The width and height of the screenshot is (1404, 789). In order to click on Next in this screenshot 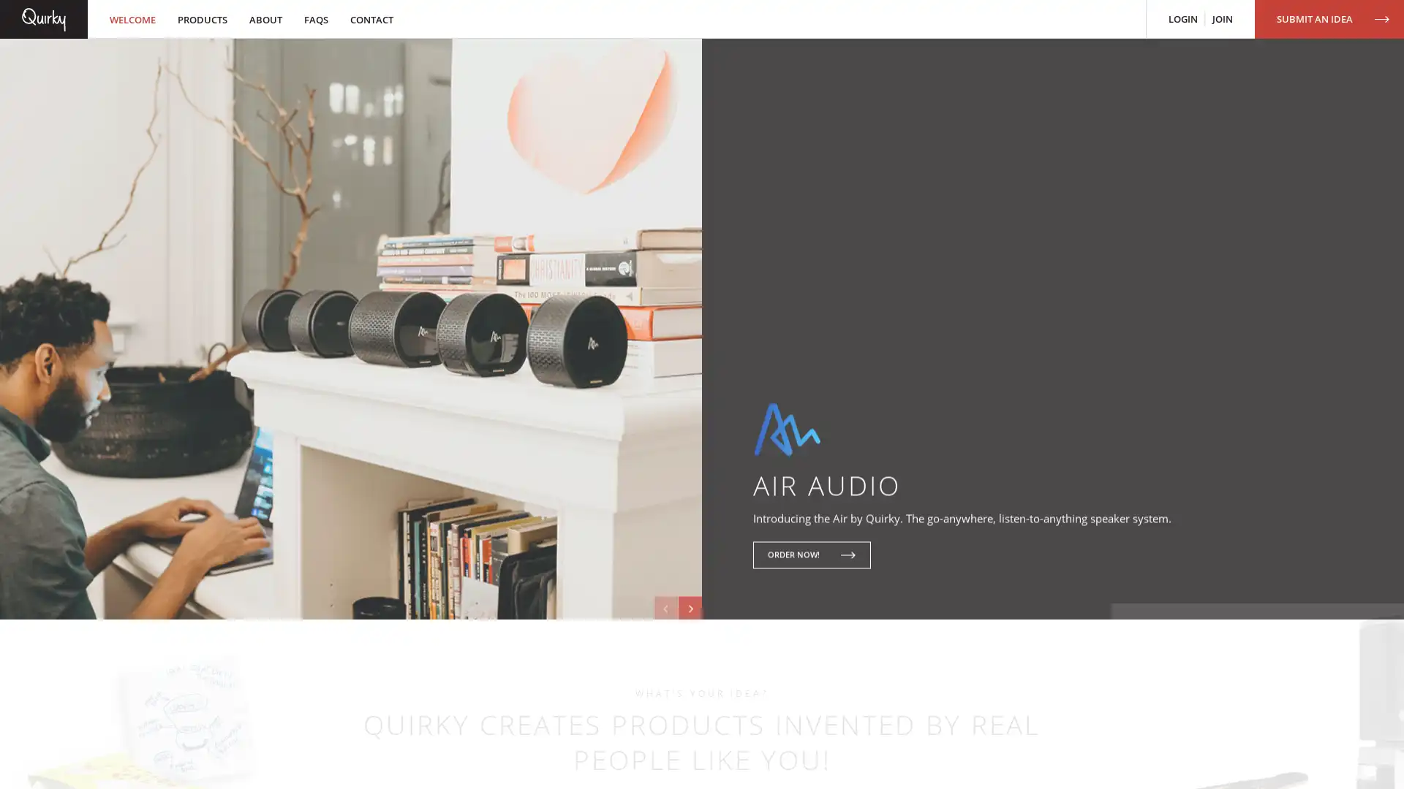, I will do `click(687, 609)`.